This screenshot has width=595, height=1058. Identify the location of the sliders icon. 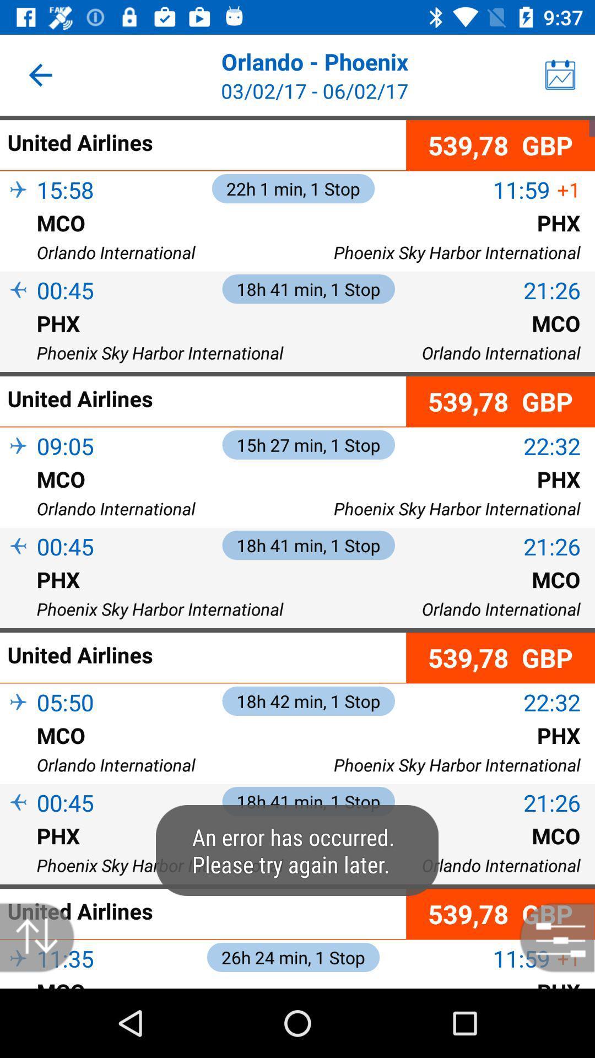
(551, 937).